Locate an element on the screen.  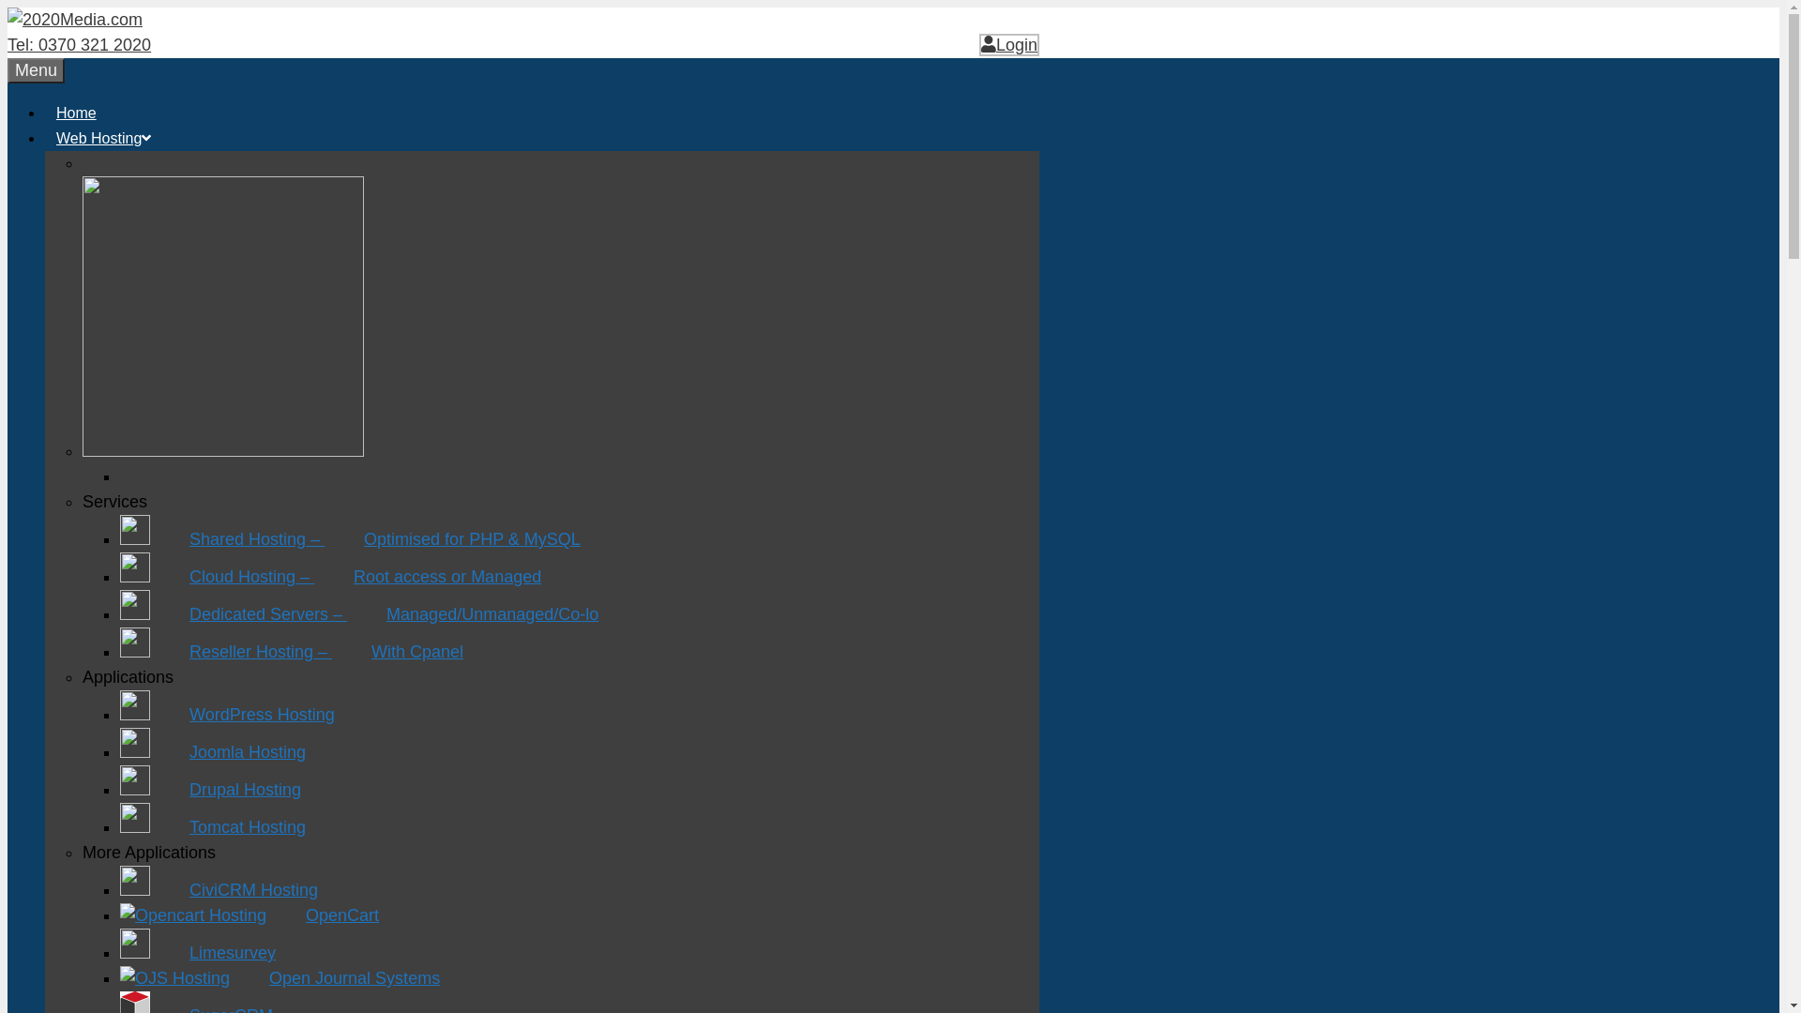
'2020Media.com' is located at coordinates (75, 20).